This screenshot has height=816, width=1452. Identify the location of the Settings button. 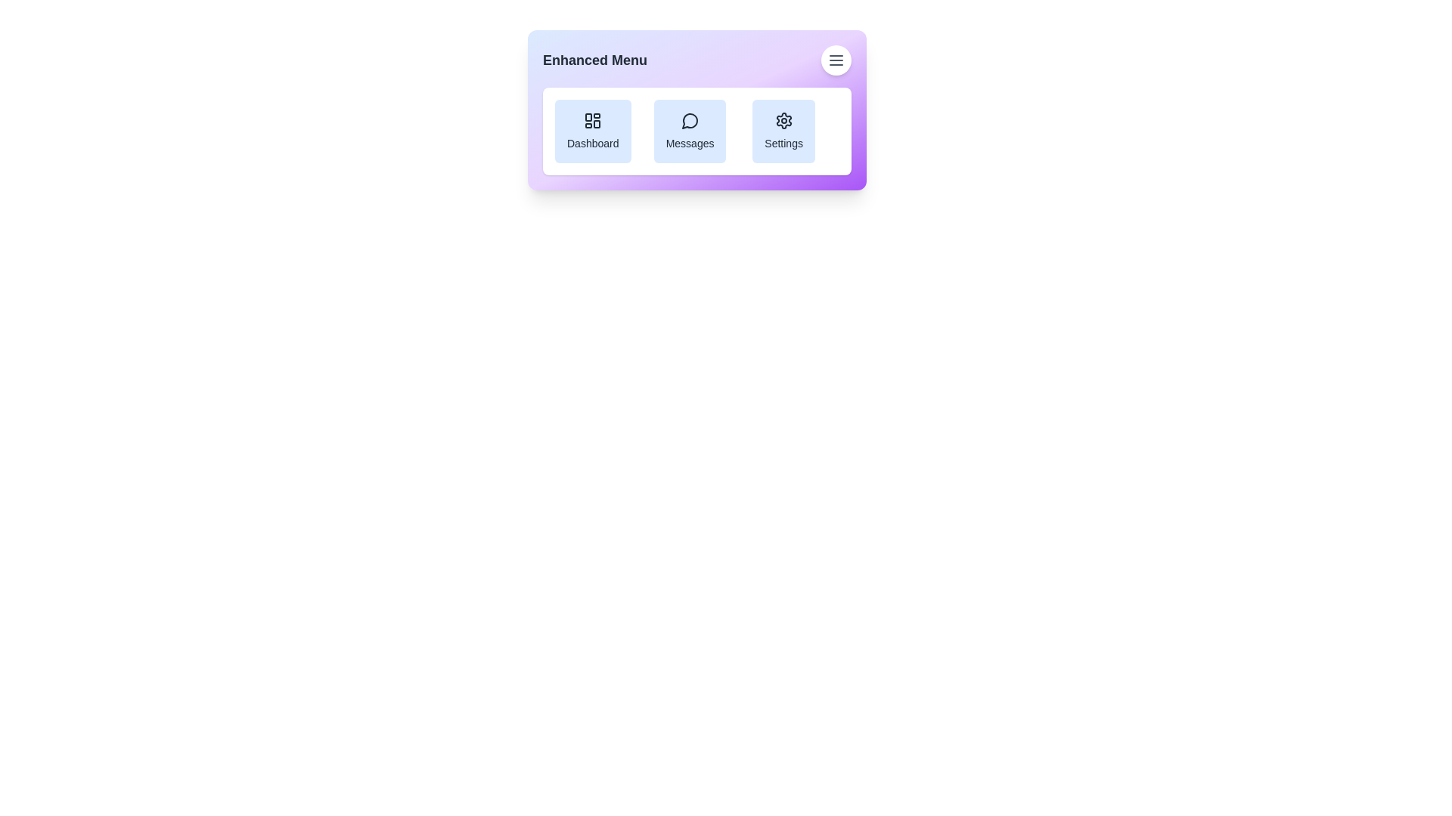
(783, 130).